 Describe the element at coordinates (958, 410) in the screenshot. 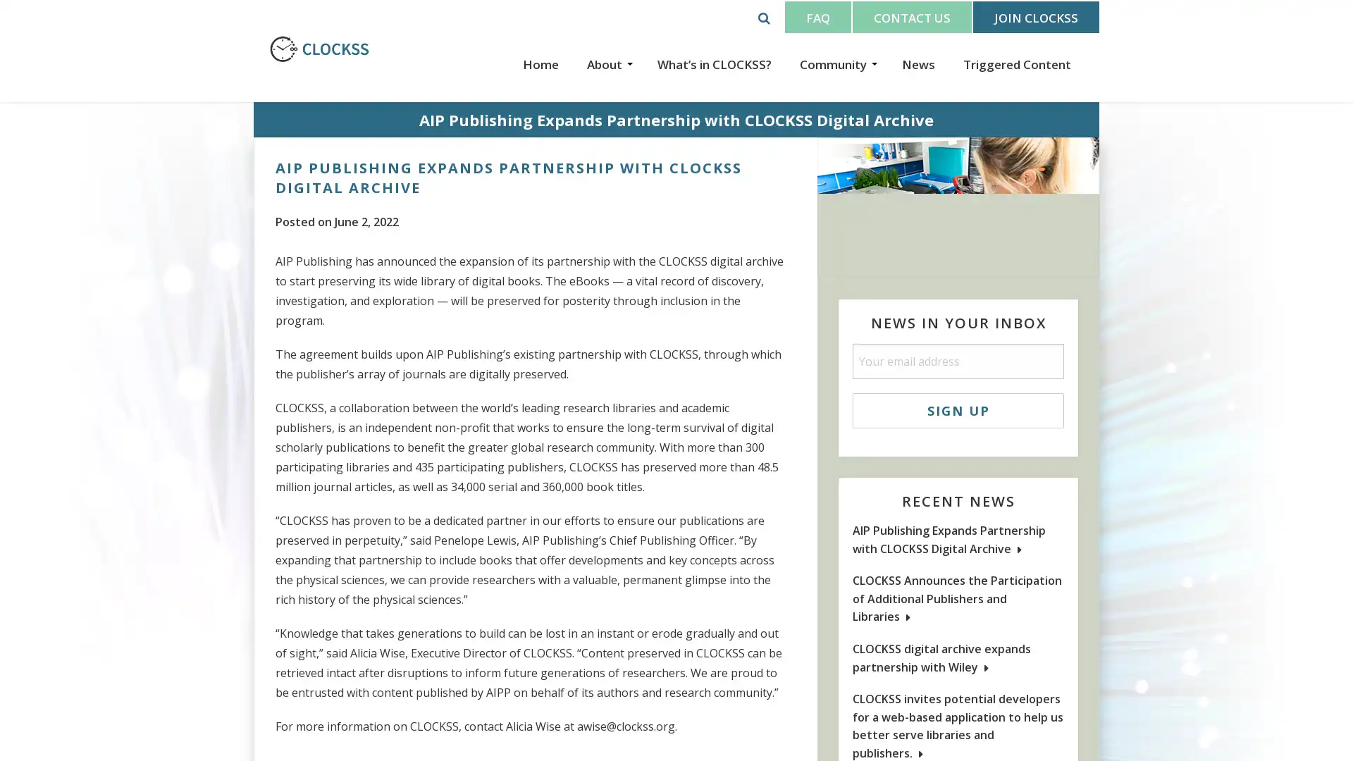

I see `Sign up` at that location.